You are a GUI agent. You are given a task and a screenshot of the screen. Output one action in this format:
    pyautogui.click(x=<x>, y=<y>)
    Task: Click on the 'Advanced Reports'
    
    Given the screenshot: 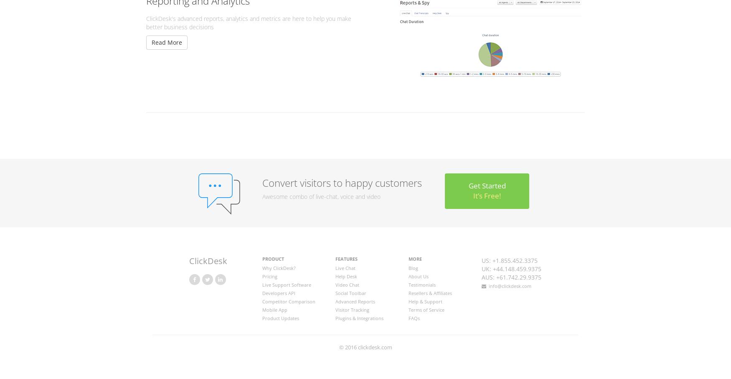 What is the action you would take?
    pyautogui.click(x=335, y=301)
    